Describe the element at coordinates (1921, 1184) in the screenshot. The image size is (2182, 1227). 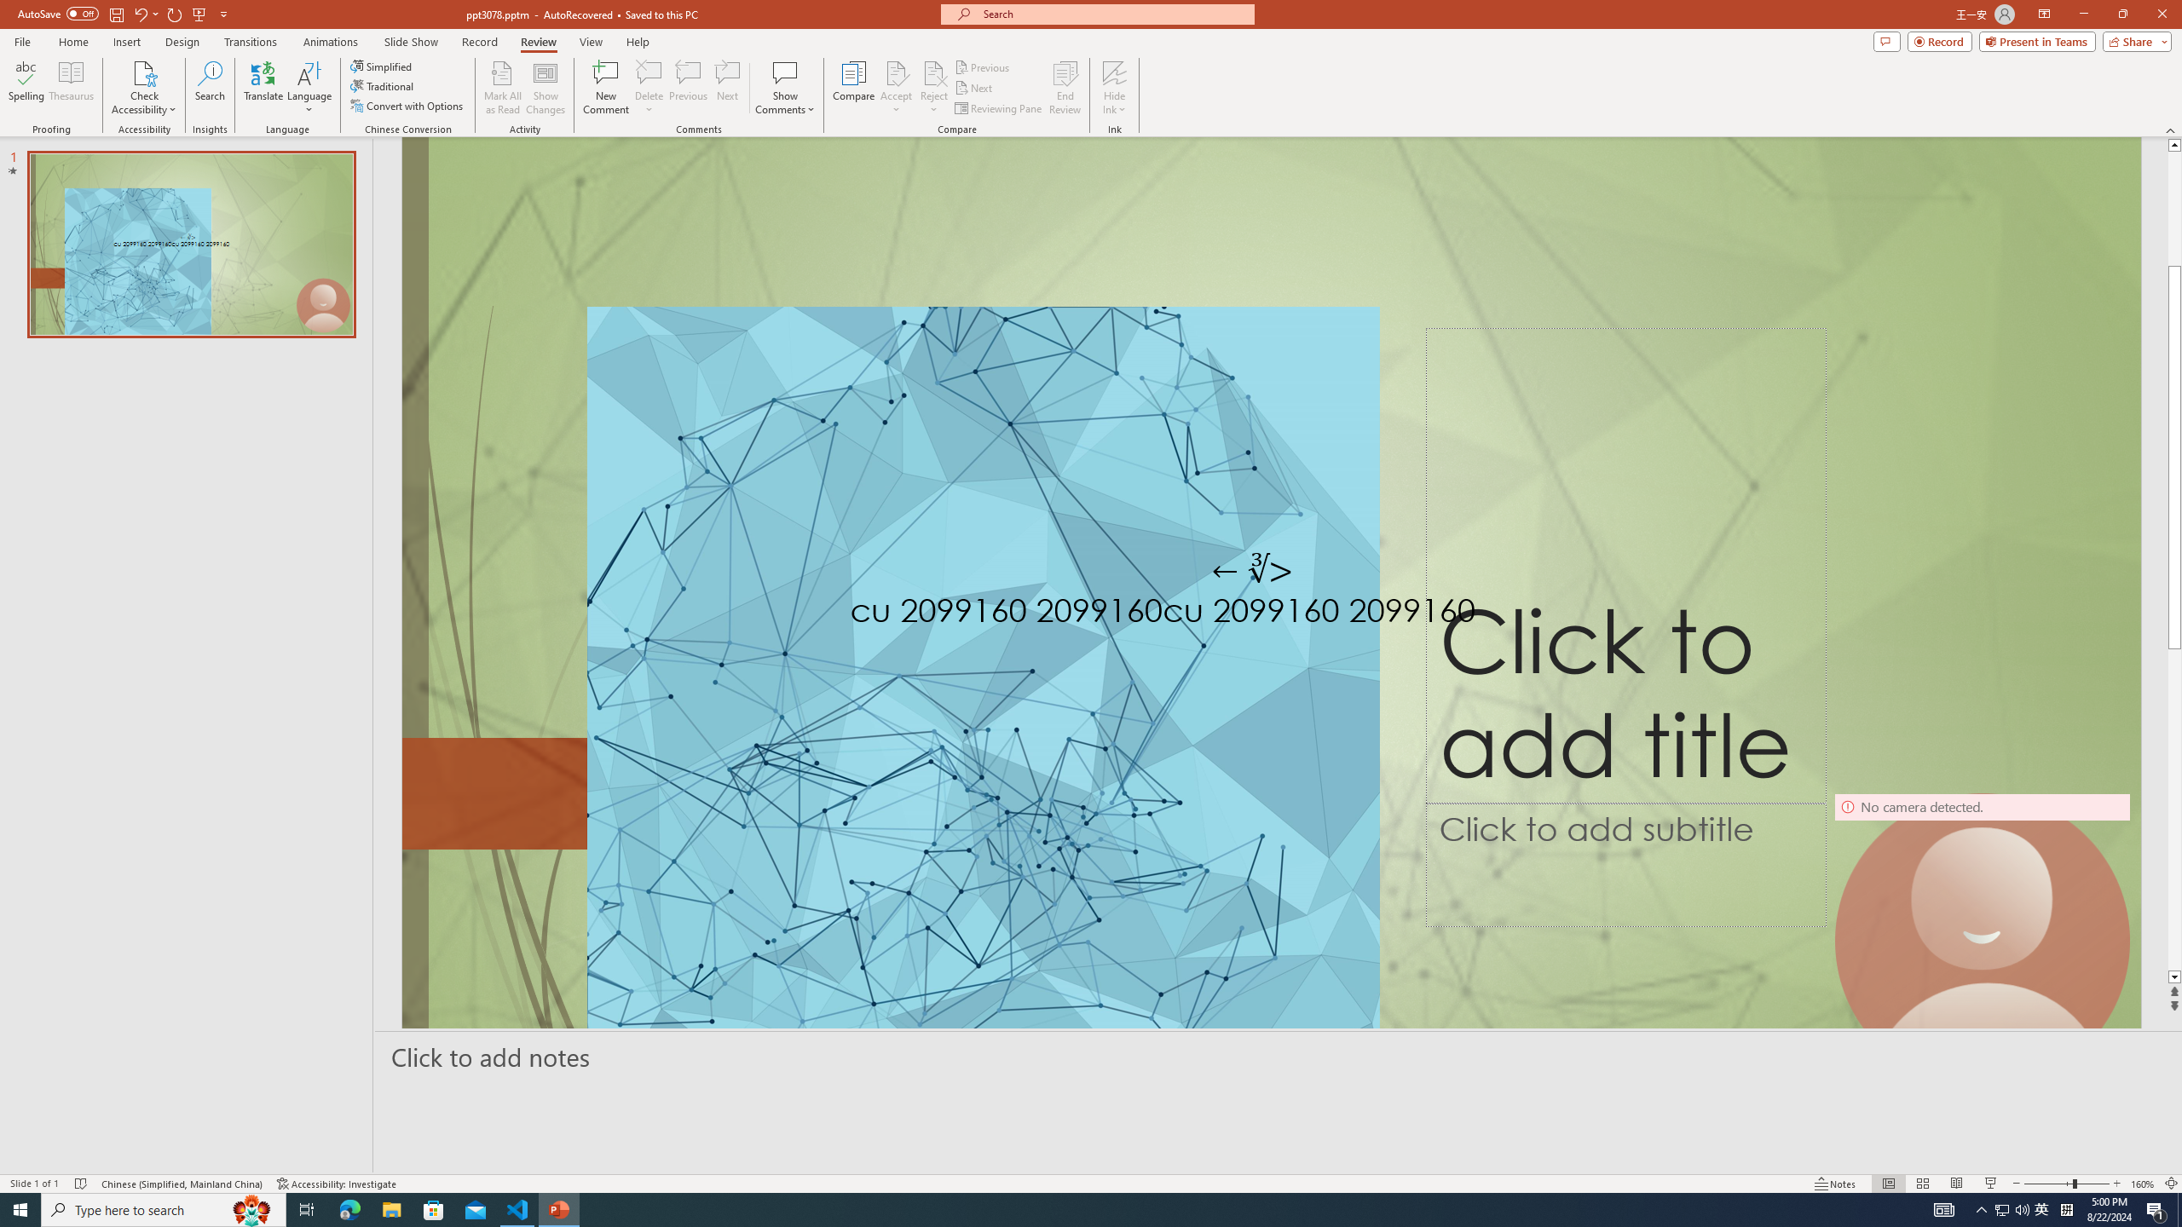
I see `'Slide Sorter'` at that location.